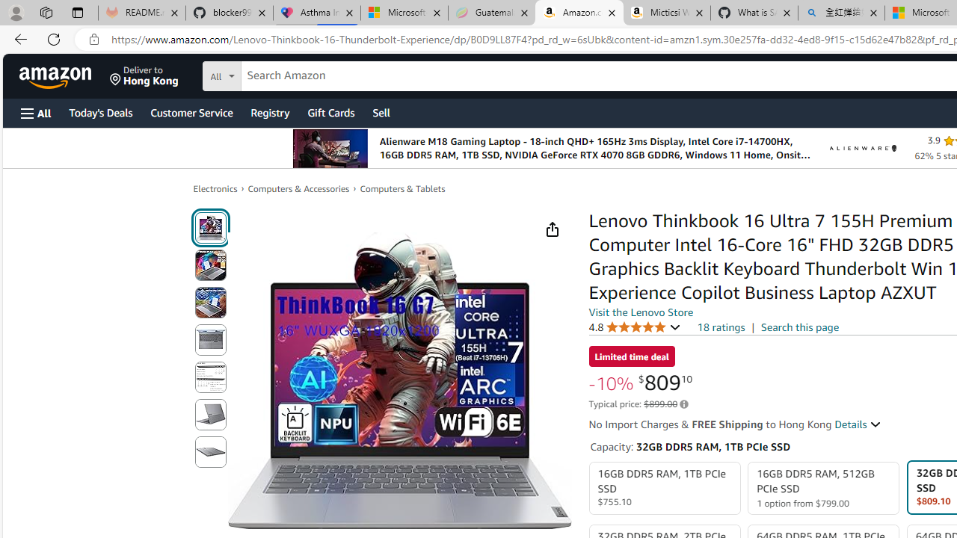 Image resolution: width=957 pixels, height=538 pixels. What do you see at coordinates (215, 188) in the screenshot?
I see `'Electronics'` at bounding box center [215, 188].